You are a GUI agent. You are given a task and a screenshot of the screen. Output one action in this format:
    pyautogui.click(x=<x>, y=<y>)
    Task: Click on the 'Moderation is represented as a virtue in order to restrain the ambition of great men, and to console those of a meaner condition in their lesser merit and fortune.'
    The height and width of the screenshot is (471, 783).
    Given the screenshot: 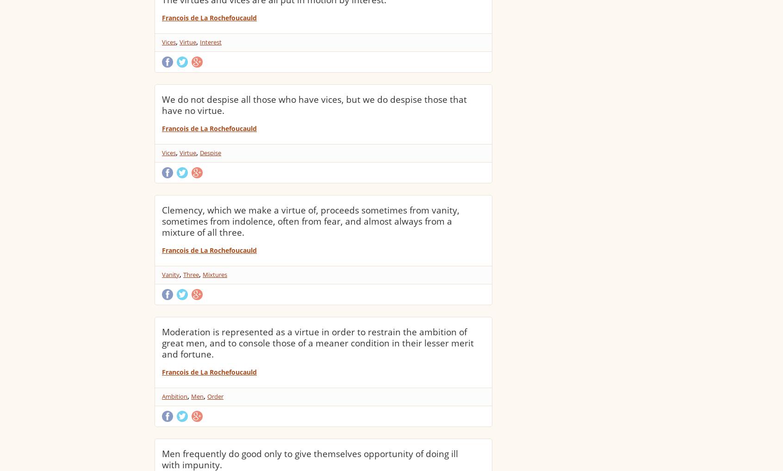 What is the action you would take?
    pyautogui.click(x=317, y=343)
    